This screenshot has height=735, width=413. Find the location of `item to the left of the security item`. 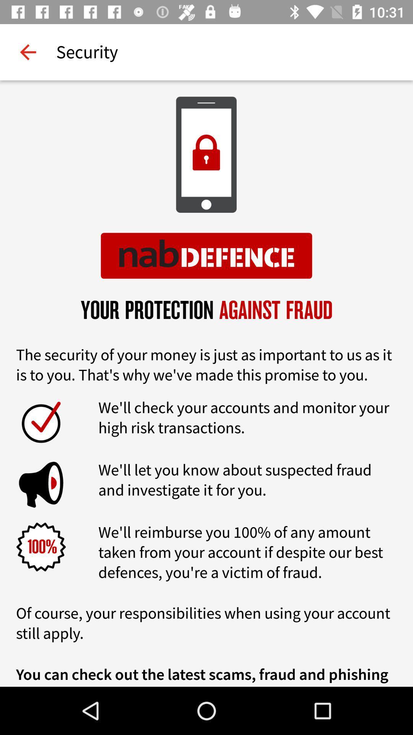

item to the left of the security item is located at coordinates (28, 52).